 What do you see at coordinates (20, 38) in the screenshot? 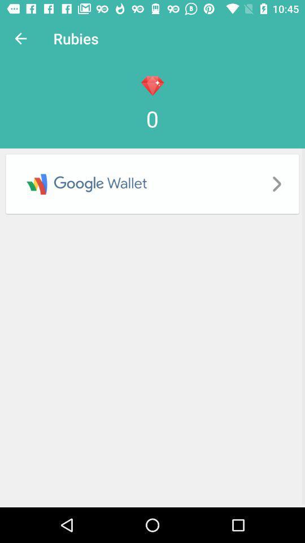
I see `item to the left of rubies` at bounding box center [20, 38].